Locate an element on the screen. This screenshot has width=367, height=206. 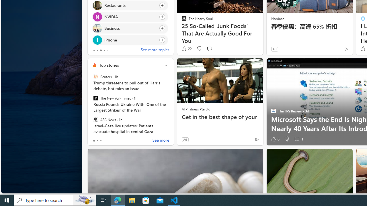
'tab-0' is located at coordinates (94, 141).